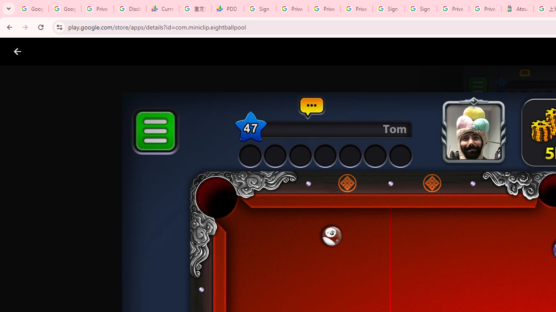 This screenshot has height=312, width=556. Describe the element at coordinates (48, 52) in the screenshot. I see `'Google Play logo'` at that location.